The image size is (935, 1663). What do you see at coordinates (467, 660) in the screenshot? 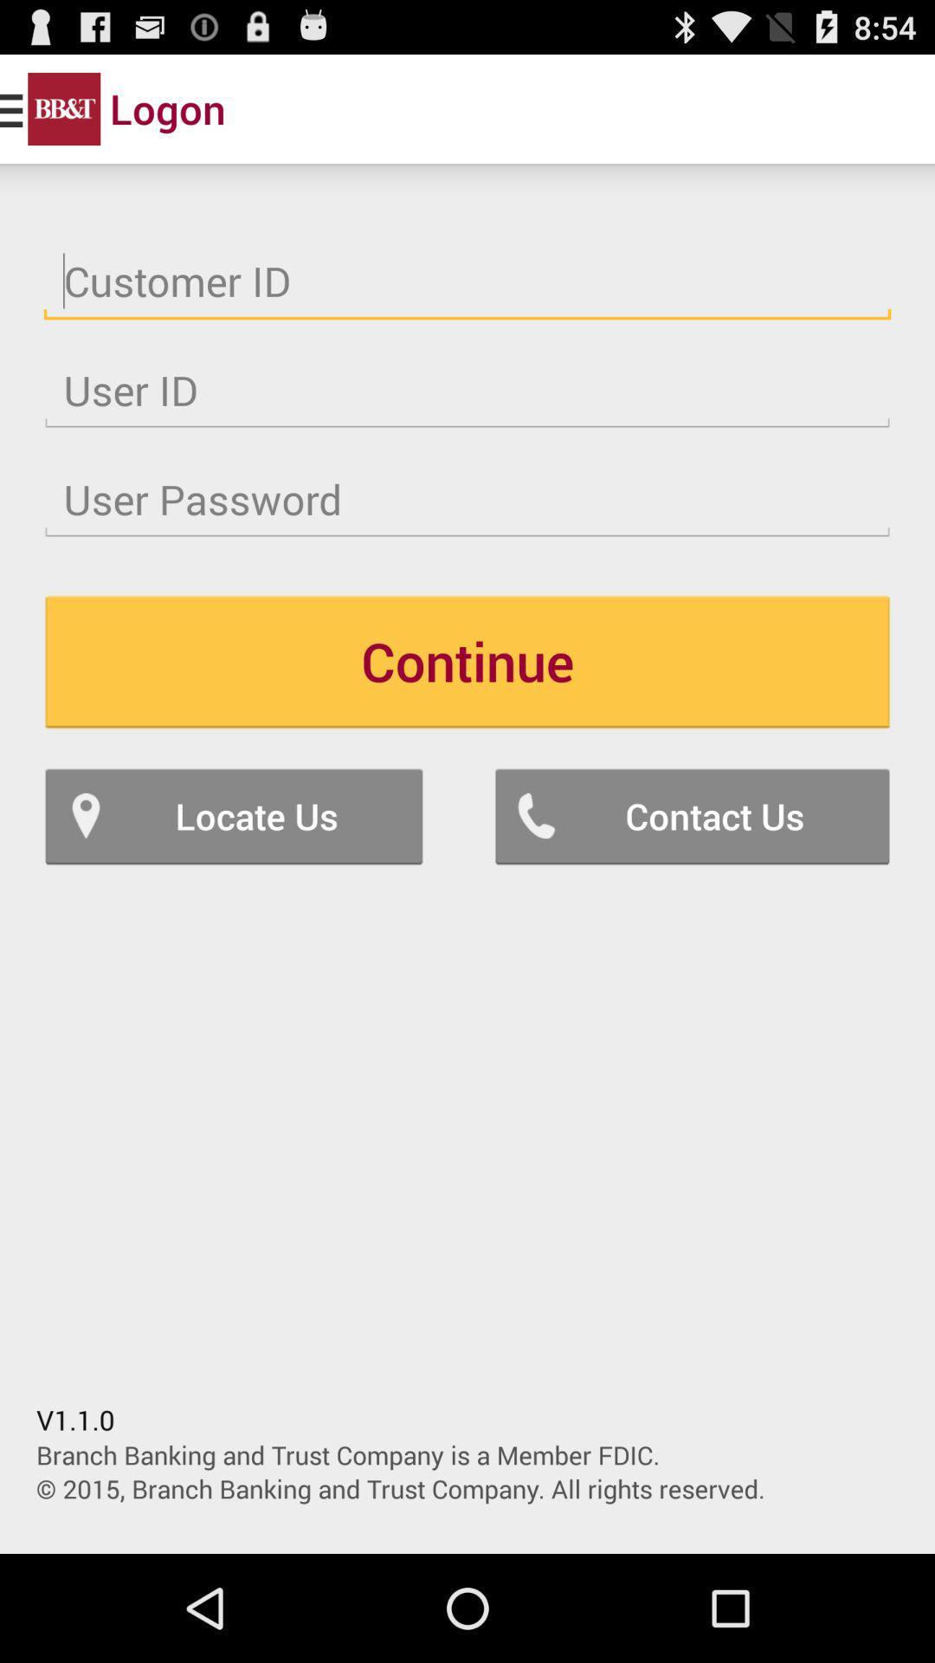
I see `the button above locate us item` at bounding box center [467, 660].